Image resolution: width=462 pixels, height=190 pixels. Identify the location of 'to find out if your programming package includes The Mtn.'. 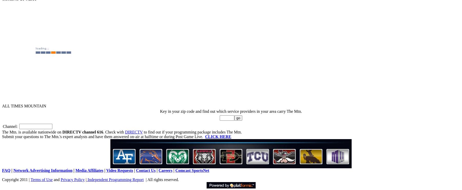
(142, 132).